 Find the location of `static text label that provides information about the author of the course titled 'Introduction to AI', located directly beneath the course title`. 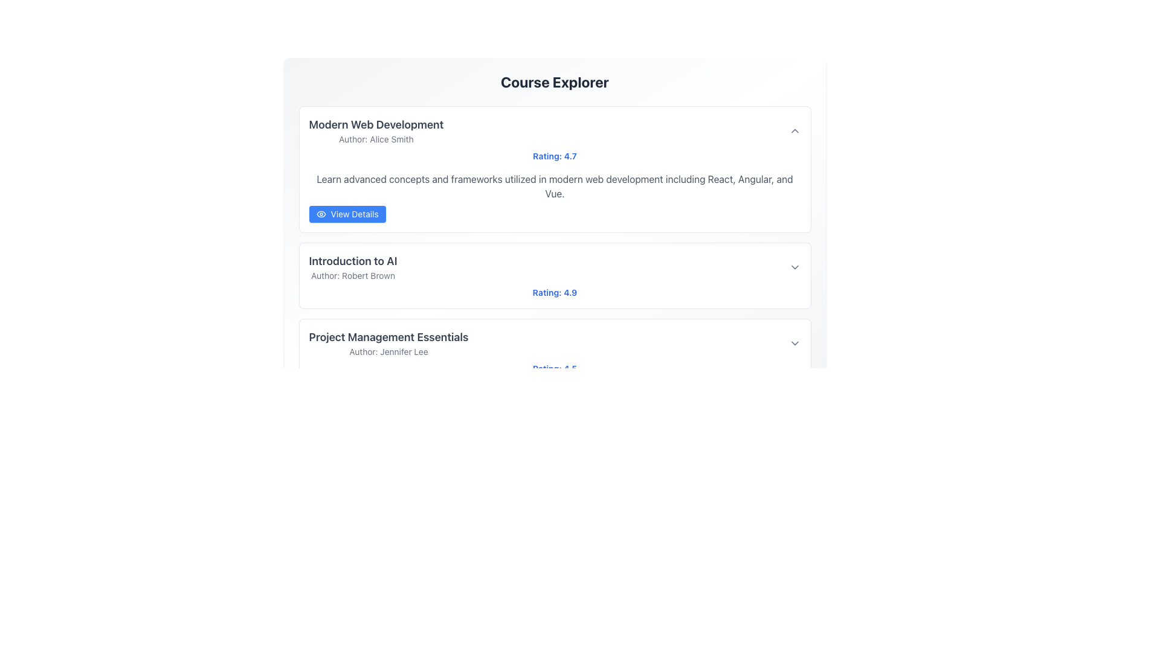

static text label that provides information about the author of the course titled 'Introduction to AI', located directly beneath the course title is located at coordinates (352, 275).